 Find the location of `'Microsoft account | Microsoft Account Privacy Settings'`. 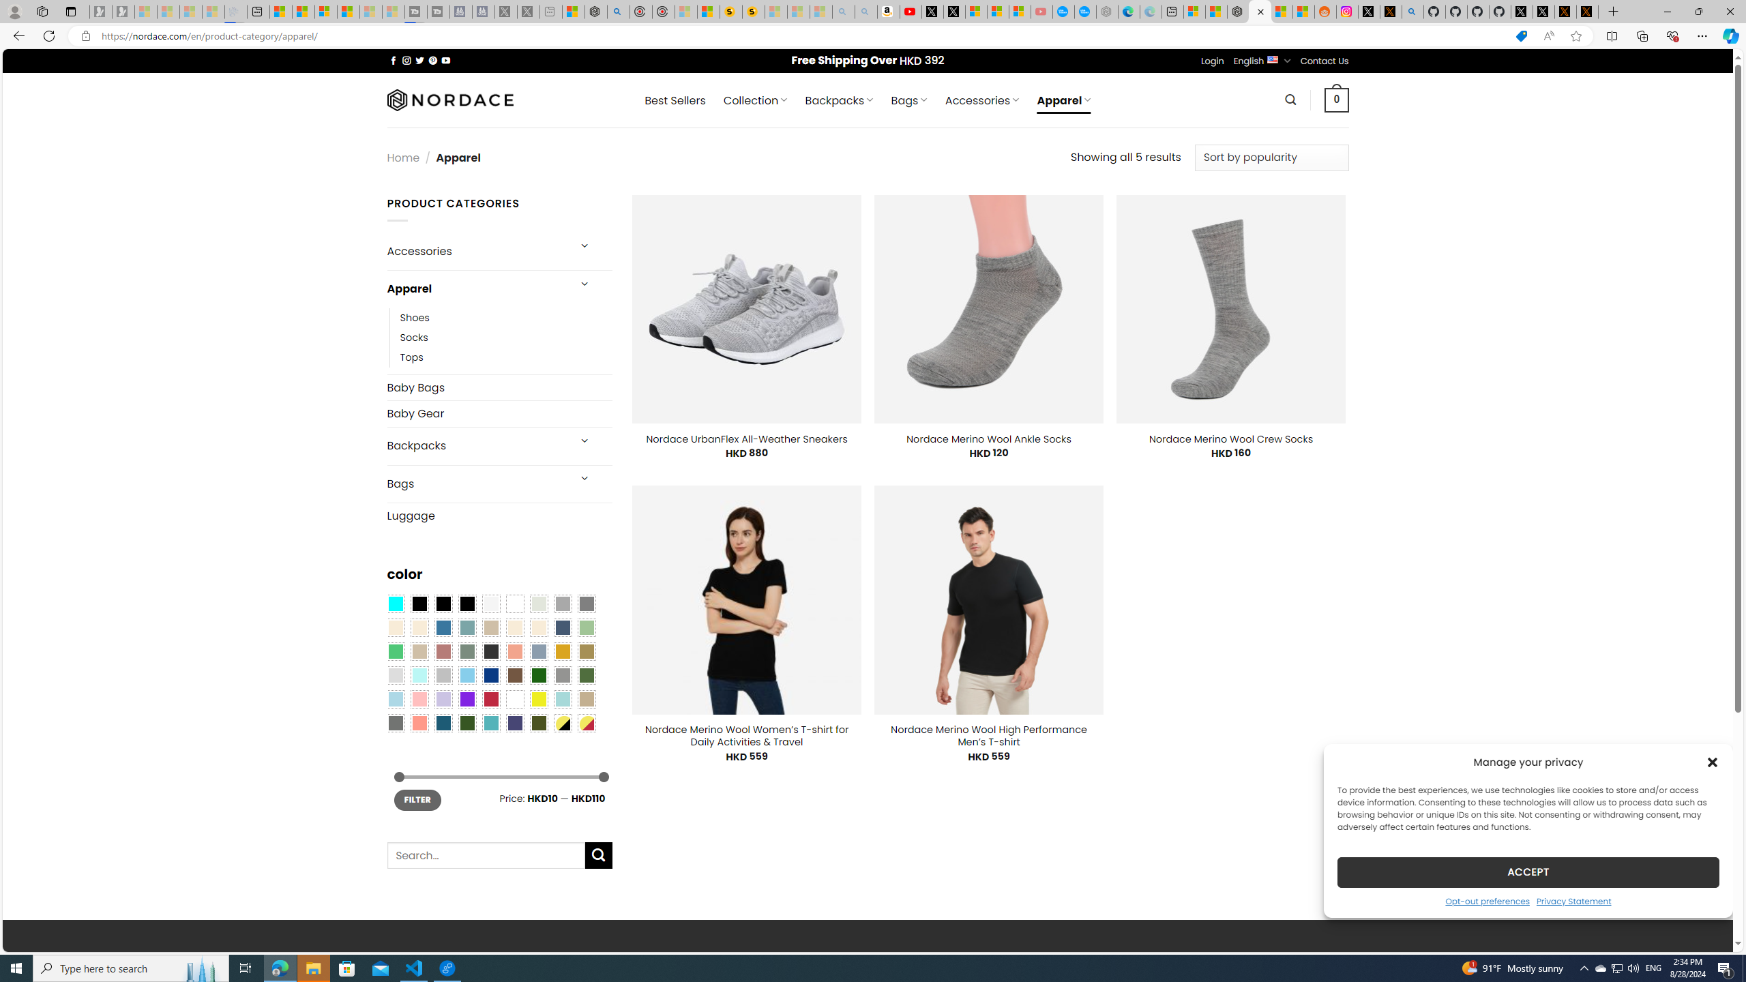

'Microsoft account | Microsoft Account Privacy Settings' is located at coordinates (1195, 11).